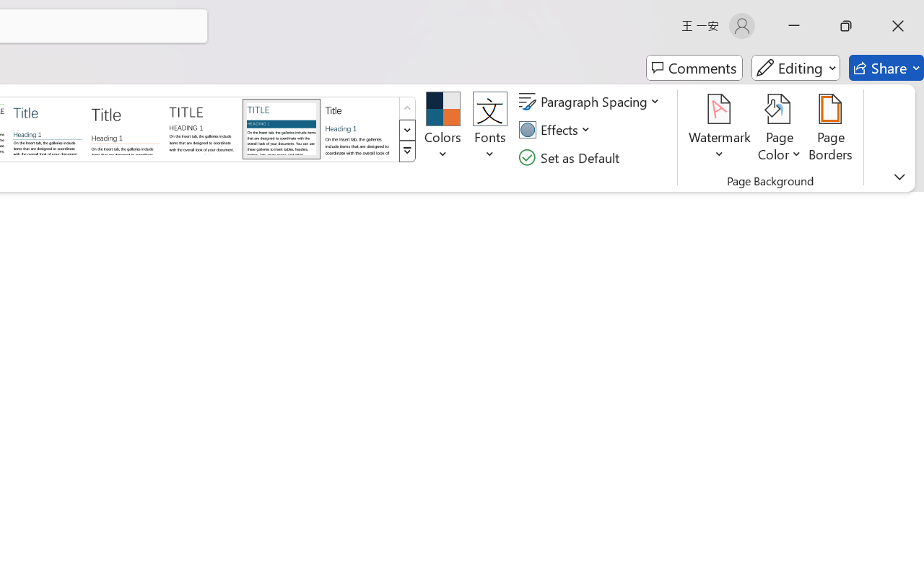  Describe the element at coordinates (407, 151) in the screenshot. I see `'Class: NetUIImage'` at that location.